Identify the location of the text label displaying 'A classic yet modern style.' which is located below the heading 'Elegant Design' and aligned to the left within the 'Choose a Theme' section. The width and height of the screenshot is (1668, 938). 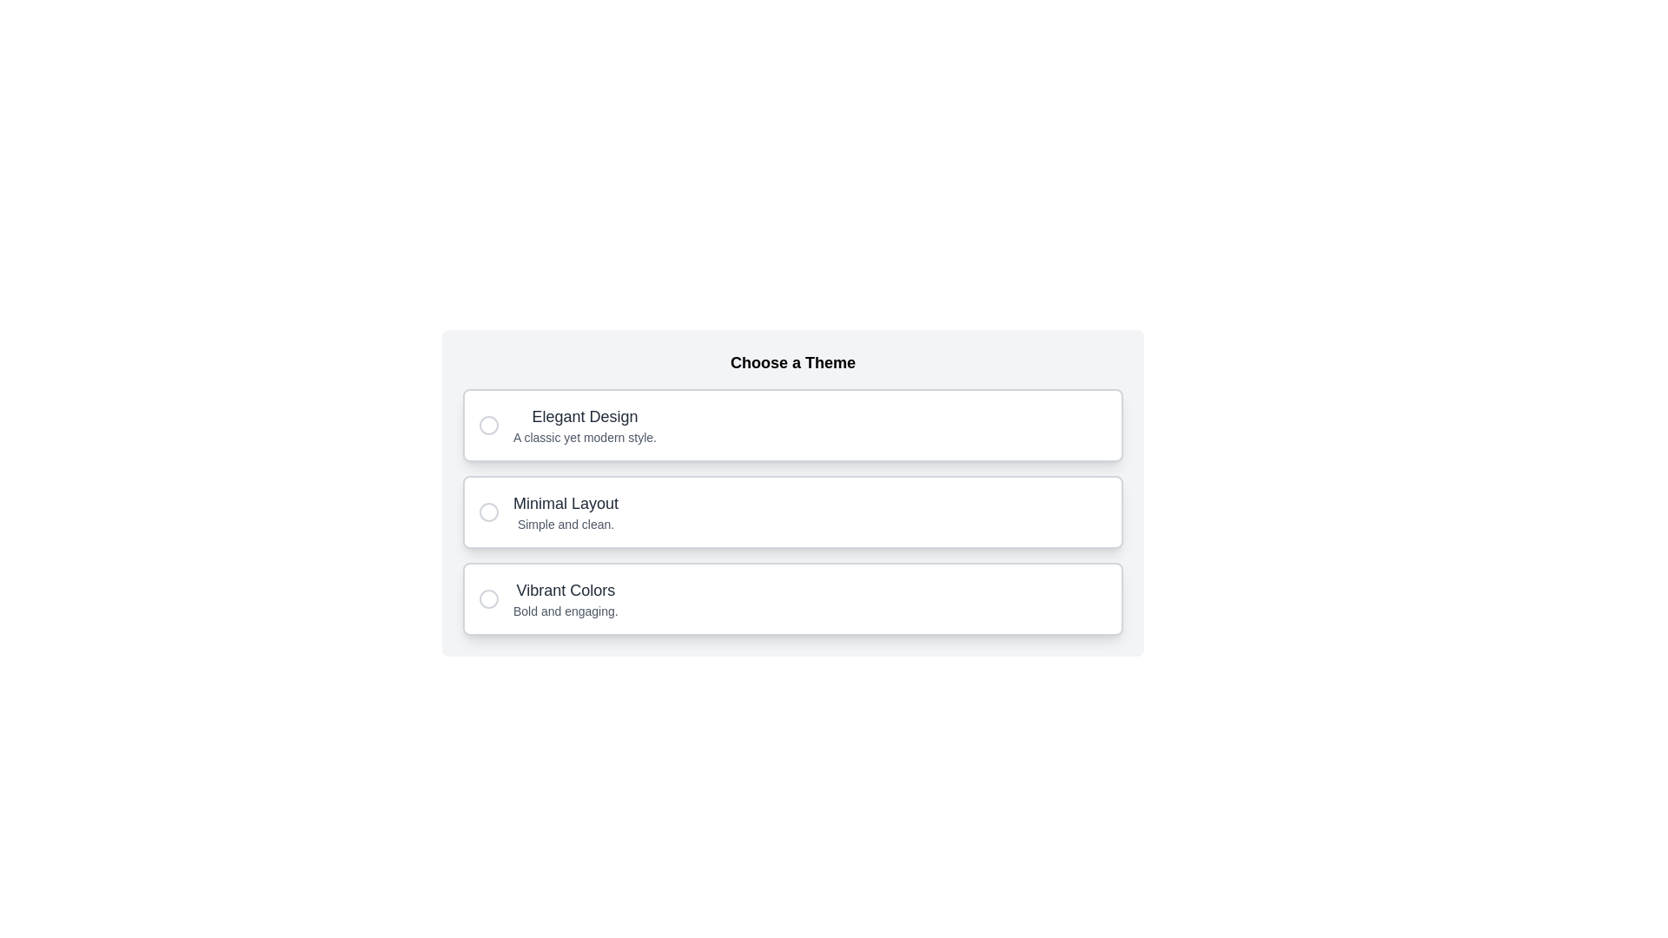
(585, 437).